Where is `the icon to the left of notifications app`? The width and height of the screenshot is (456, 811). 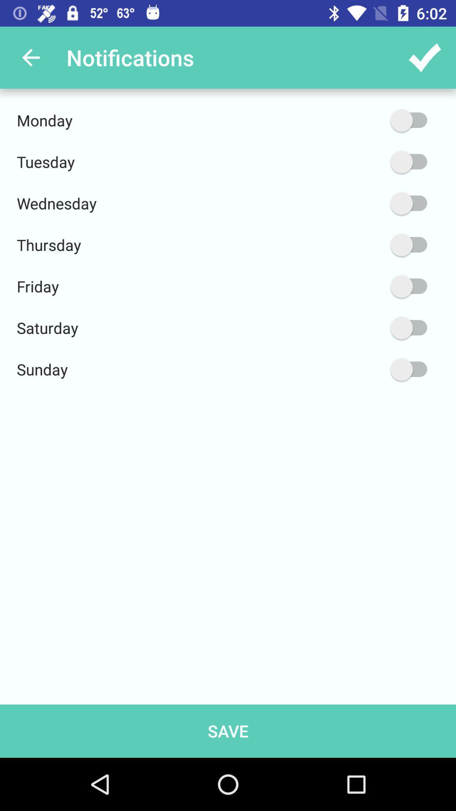
the icon to the left of notifications app is located at coordinates (30, 57).